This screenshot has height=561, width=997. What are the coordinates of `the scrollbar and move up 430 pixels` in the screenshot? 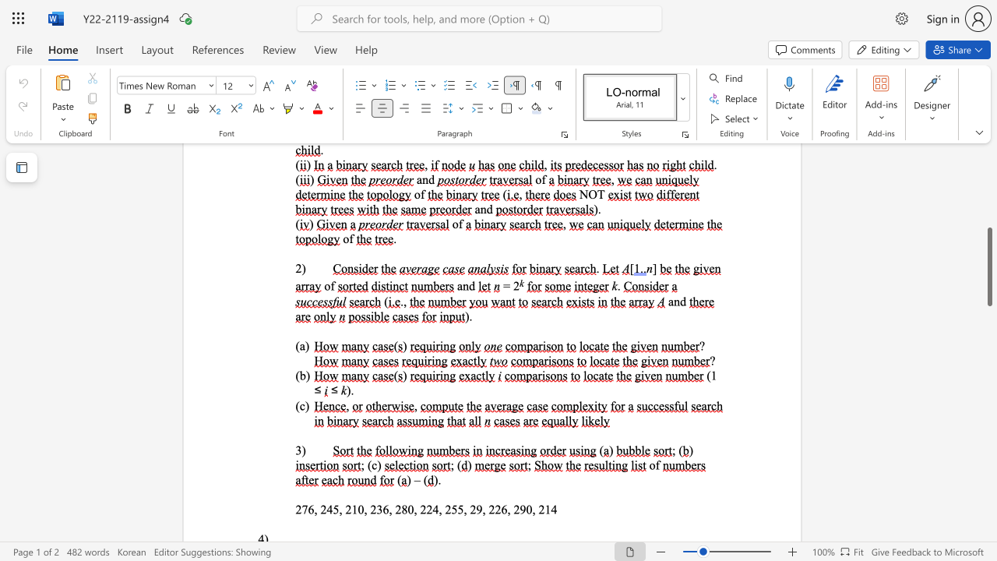 It's located at (988, 266).